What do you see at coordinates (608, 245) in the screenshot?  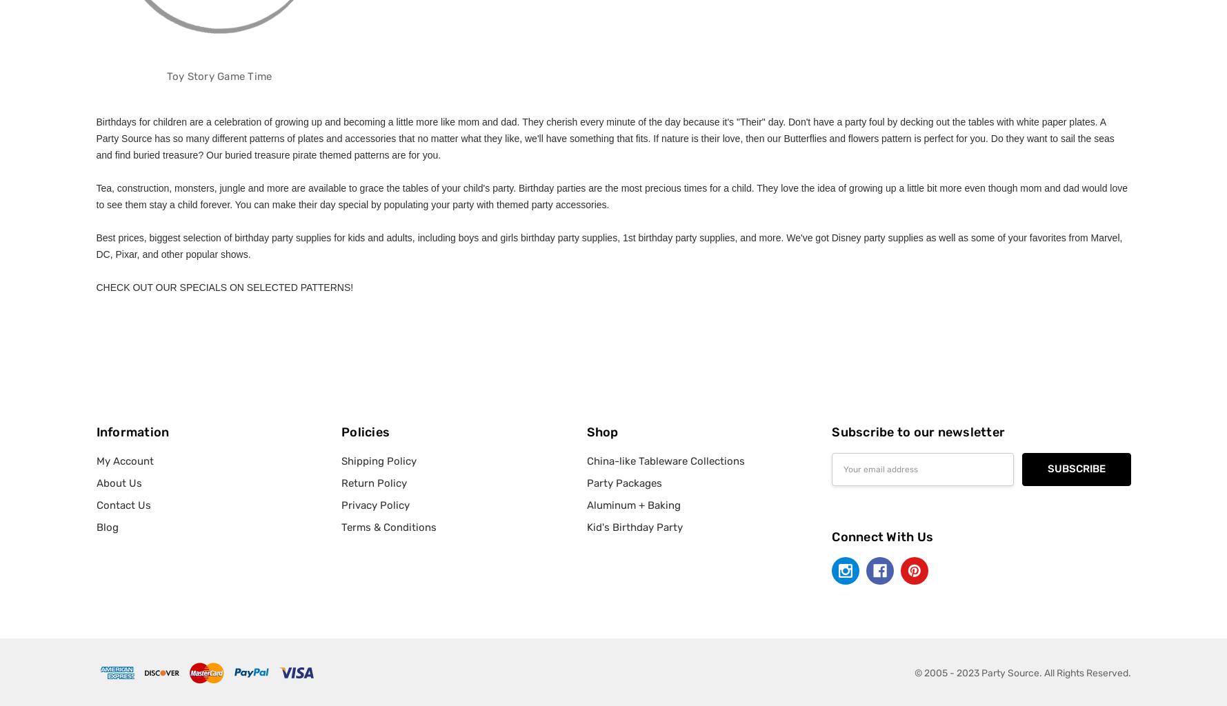 I see `'Best prices, biggest selection of birthday party supplies for kids and adults, including boys and girls birthday party supplies, 1st birthday party supplies, and more. We've got Disney party supplies as well as some of your favorites from Marvel, DC, Pixar, and other popular shows.'` at bounding box center [608, 245].